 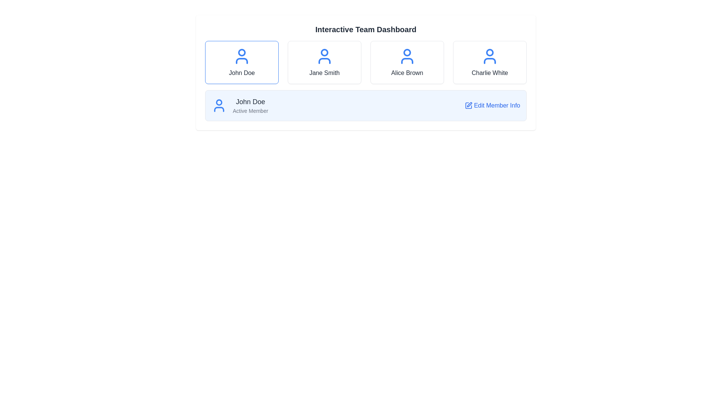 What do you see at coordinates (218, 102) in the screenshot?
I see `the circular head graphic element of the user profile icon located in the upper middle section of the SVG` at bounding box center [218, 102].